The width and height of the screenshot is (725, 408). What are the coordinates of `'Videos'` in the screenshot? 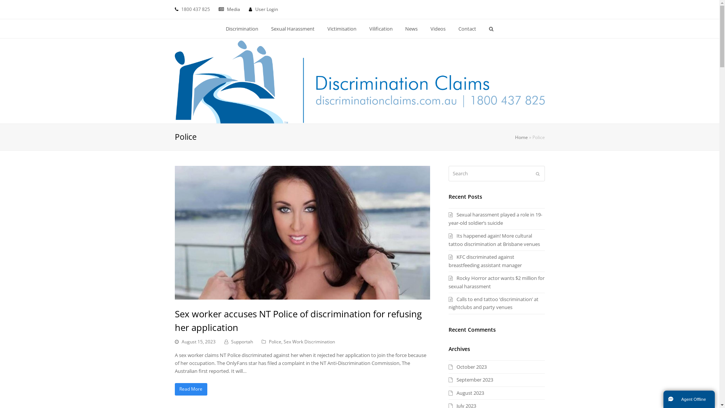 It's located at (424, 28).